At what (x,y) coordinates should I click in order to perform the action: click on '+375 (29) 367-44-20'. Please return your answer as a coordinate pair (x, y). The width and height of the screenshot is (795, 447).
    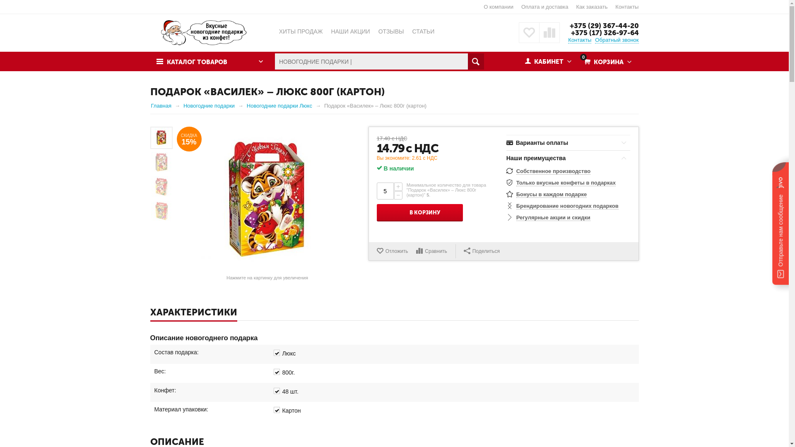
    Looking at the image, I should click on (604, 25).